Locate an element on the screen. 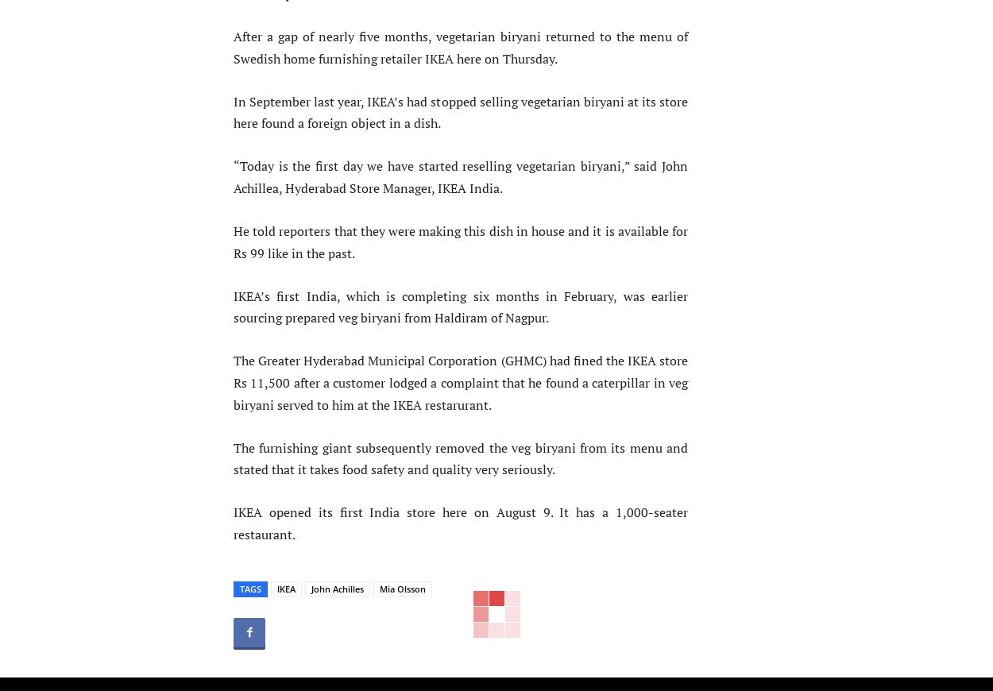  'In September last year, IKEA’s had stopped selling vegetarian biryani at its store here found a foreign object in a dish.' is located at coordinates (460, 111).